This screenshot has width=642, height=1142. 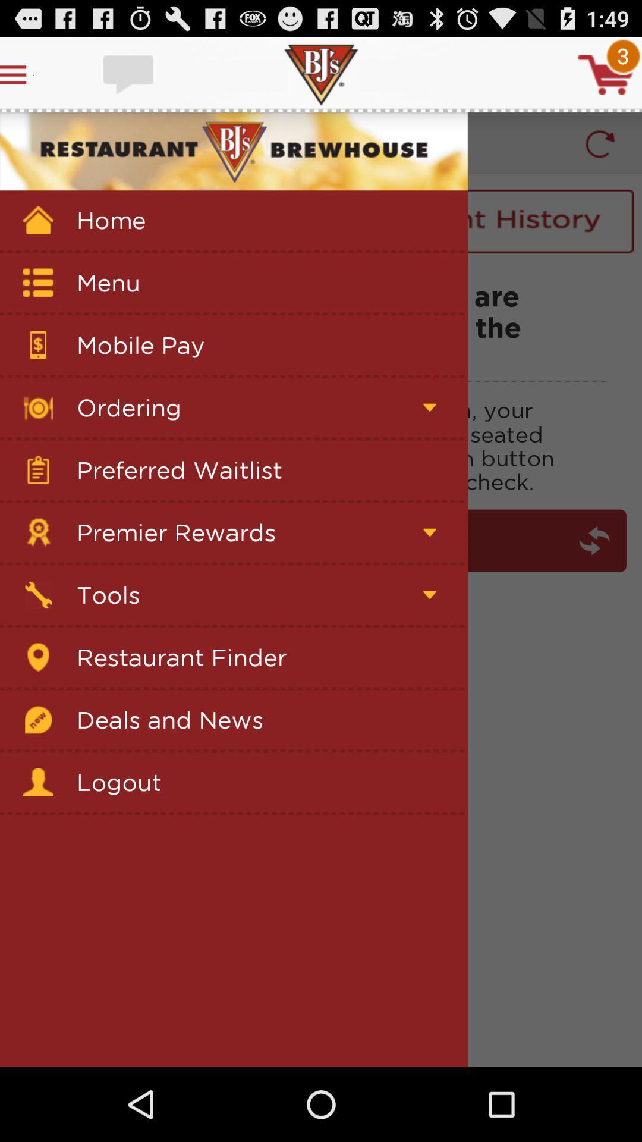 I want to click on tools icon on the page, so click(x=38, y=595).